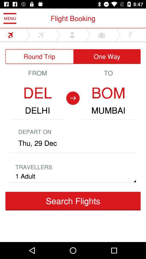 The image size is (146, 259). What do you see at coordinates (107, 56) in the screenshot?
I see `the text one way` at bounding box center [107, 56].